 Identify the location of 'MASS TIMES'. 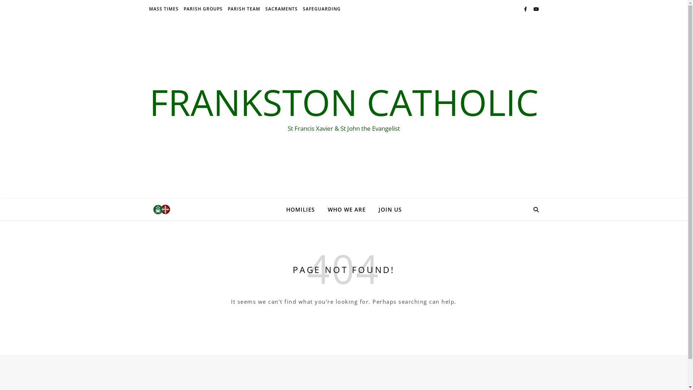
(164, 9).